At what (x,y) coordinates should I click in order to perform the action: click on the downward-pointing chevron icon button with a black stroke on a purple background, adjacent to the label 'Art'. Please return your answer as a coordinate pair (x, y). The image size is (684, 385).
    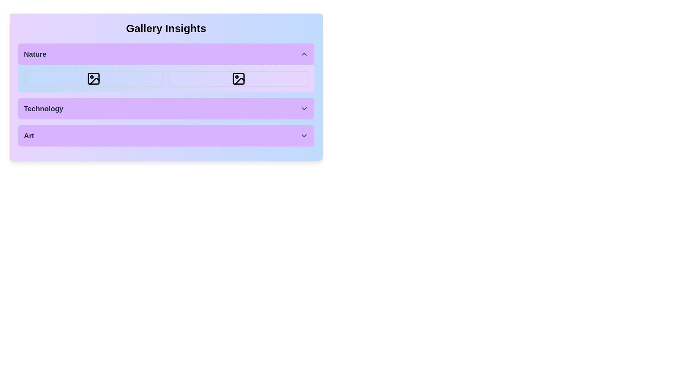
    Looking at the image, I should click on (304, 136).